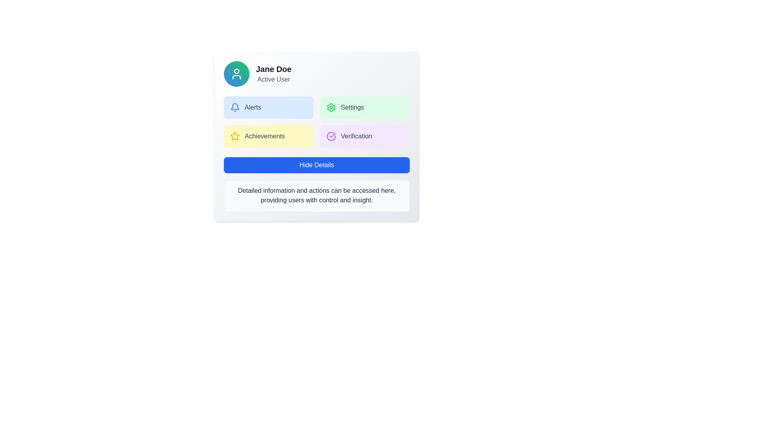 Image resolution: width=769 pixels, height=432 pixels. I want to click on 'Settings' text label located in the upper-right corner of the application, positioned to the right of a gear icon within a green box, so click(352, 107).